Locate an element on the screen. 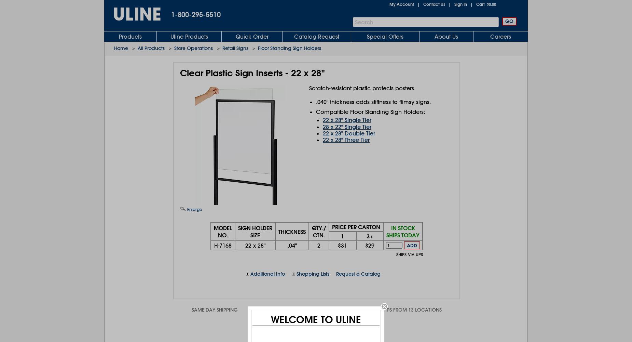 The width and height of the screenshot is (632, 342). 'SHIPS VIA UPS' is located at coordinates (409, 254).